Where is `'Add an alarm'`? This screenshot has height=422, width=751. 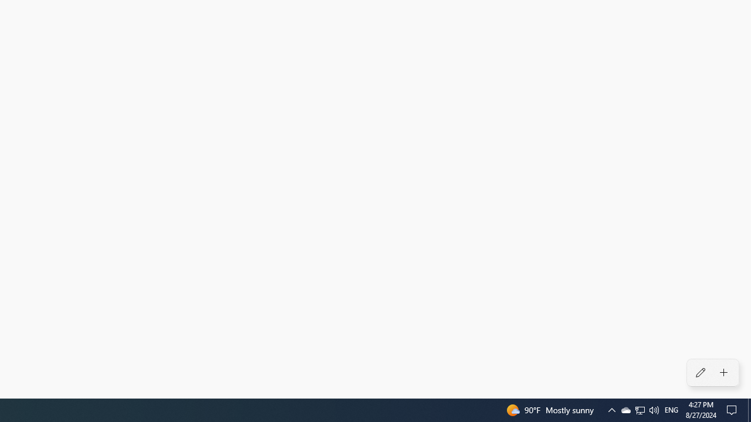
'Add an alarm' is located at coordinates (723, 373).